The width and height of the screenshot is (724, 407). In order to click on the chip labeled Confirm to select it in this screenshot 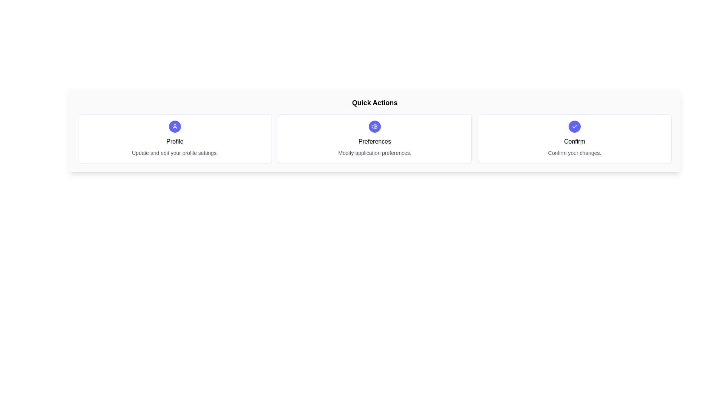, I will do `click(574, 138)`.